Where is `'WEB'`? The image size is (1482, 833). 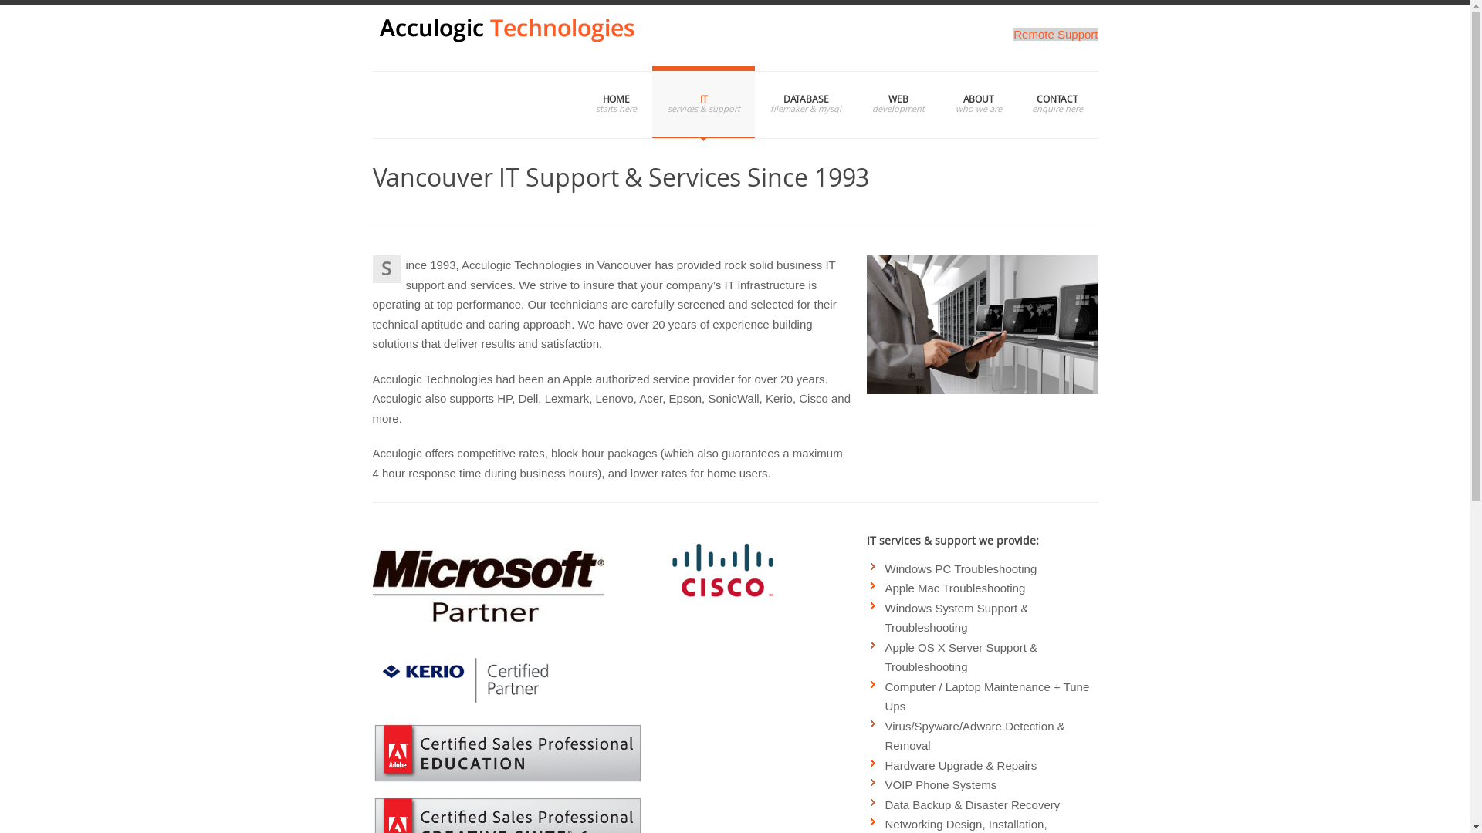
'WEB' is located at coordinates (898, 102).